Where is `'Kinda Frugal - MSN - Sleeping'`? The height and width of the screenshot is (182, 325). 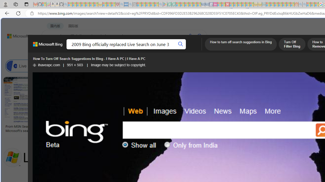 'Kinda Frugal - MSN - Sleeping' is located at coordinates (284, 4).